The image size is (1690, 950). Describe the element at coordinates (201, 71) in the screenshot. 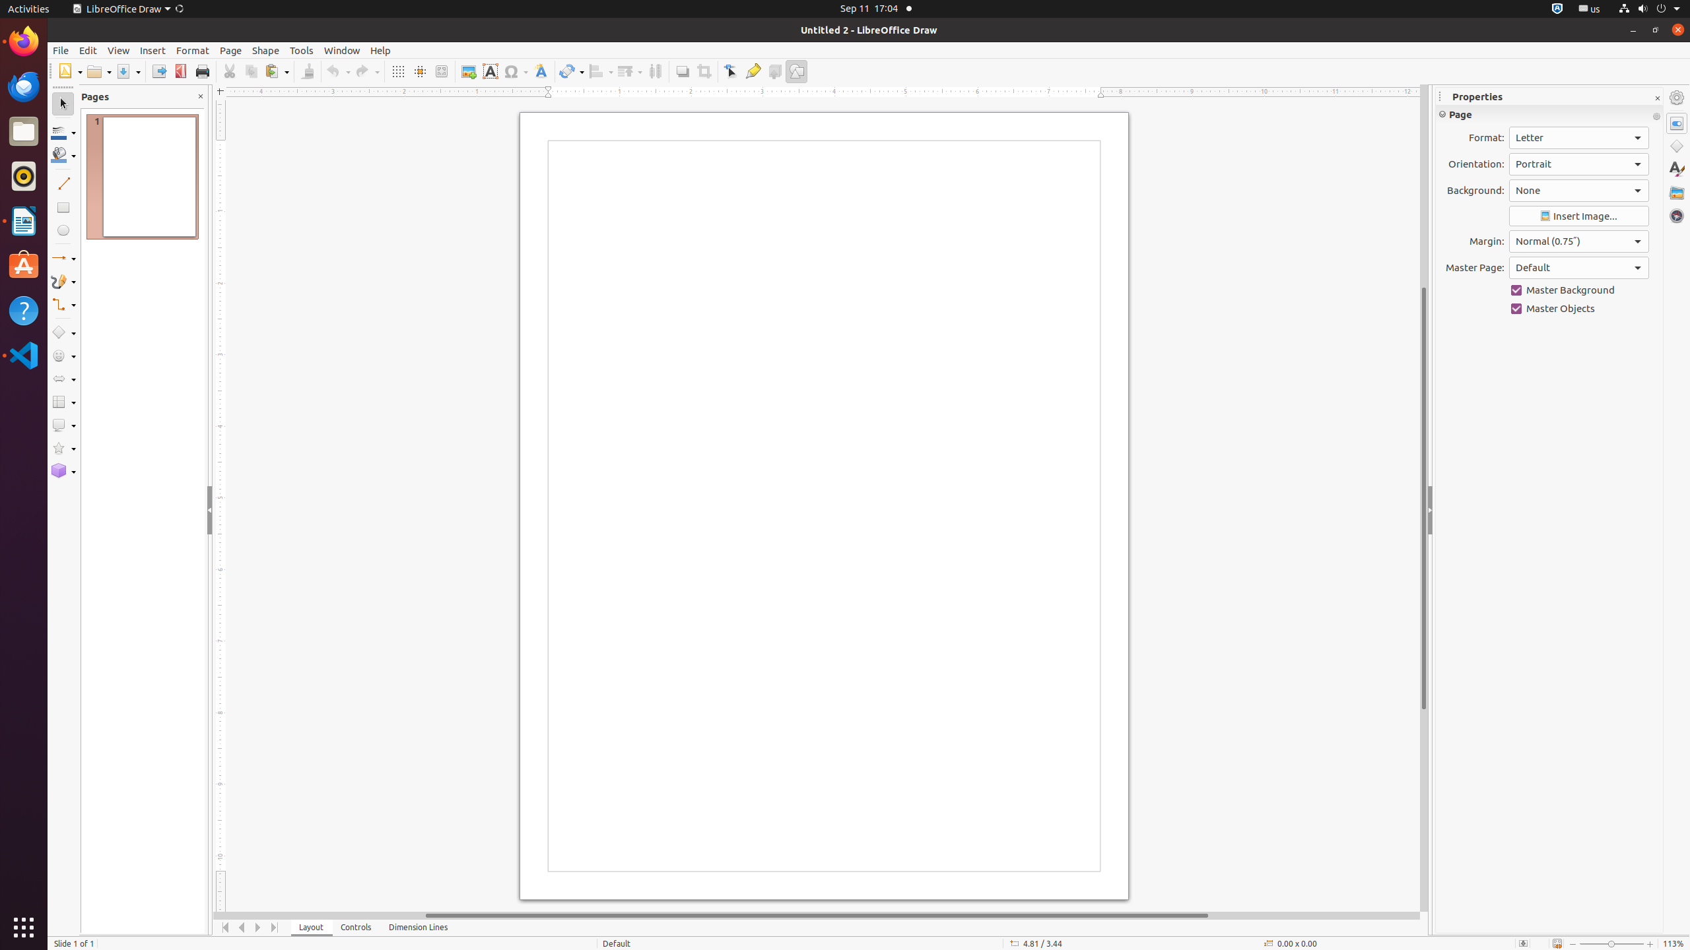

I see `'Print'` at that location.